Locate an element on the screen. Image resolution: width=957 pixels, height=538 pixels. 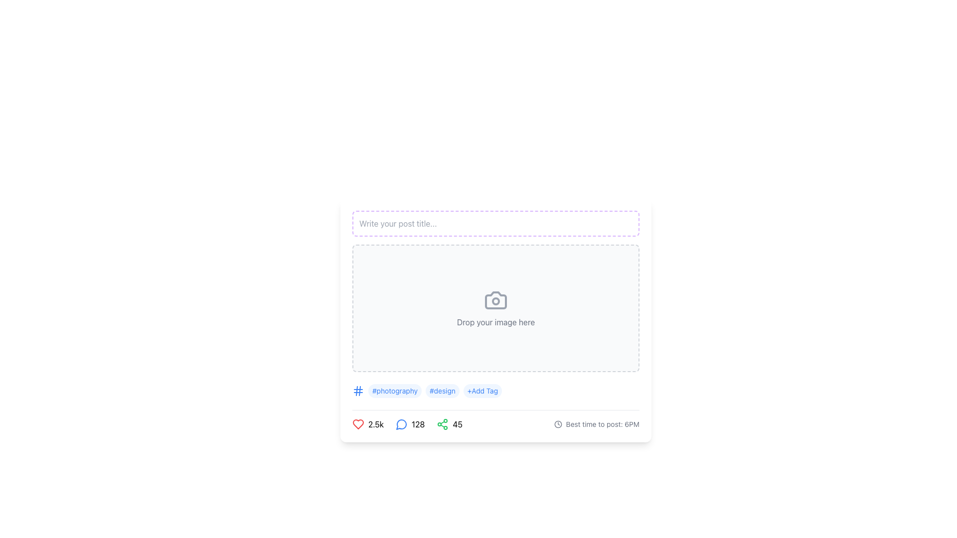
the icon button located on the lower-left side of the interface, which is the first element in a horizontal row of interactive elements before the numeric count '2.5k' is located at coordinates (358, 424).